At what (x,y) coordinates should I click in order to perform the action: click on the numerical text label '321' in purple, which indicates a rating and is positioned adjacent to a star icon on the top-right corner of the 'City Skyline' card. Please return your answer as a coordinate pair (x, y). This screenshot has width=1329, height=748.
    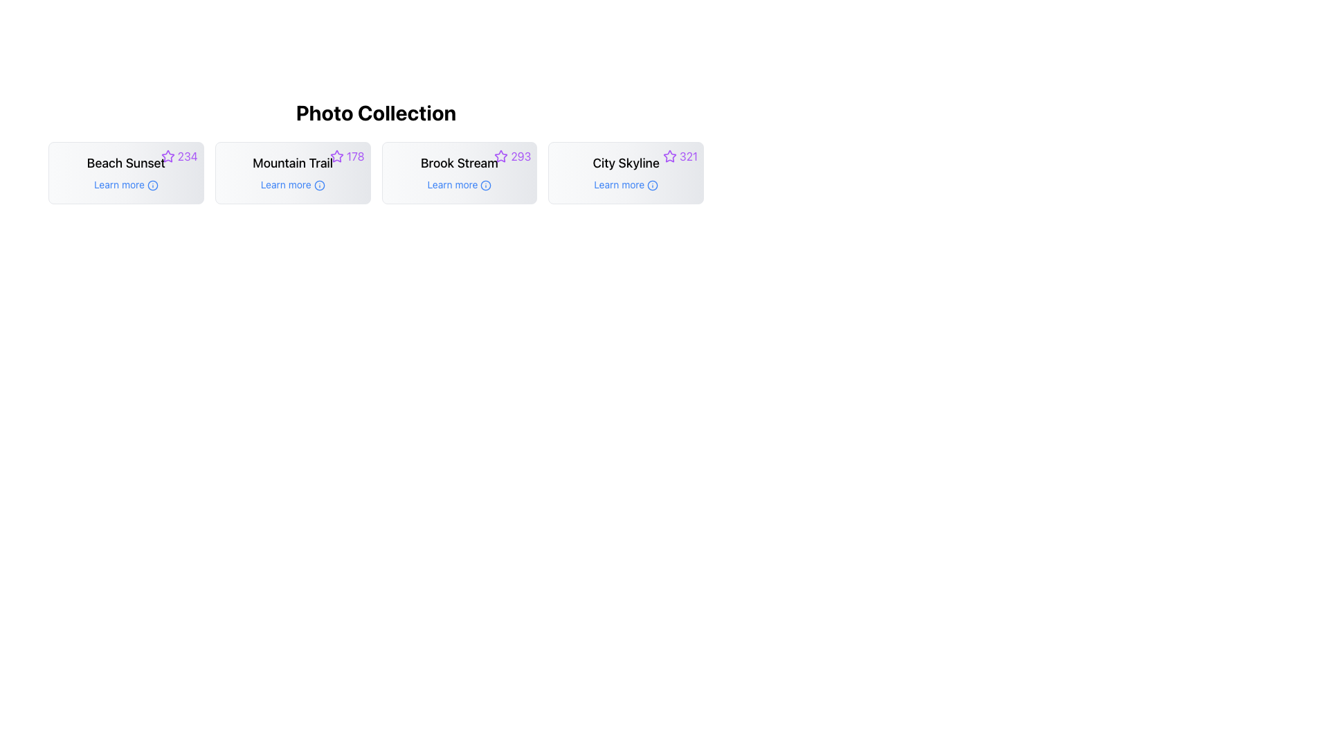
    Looking at the image, I should click on (688, 156).